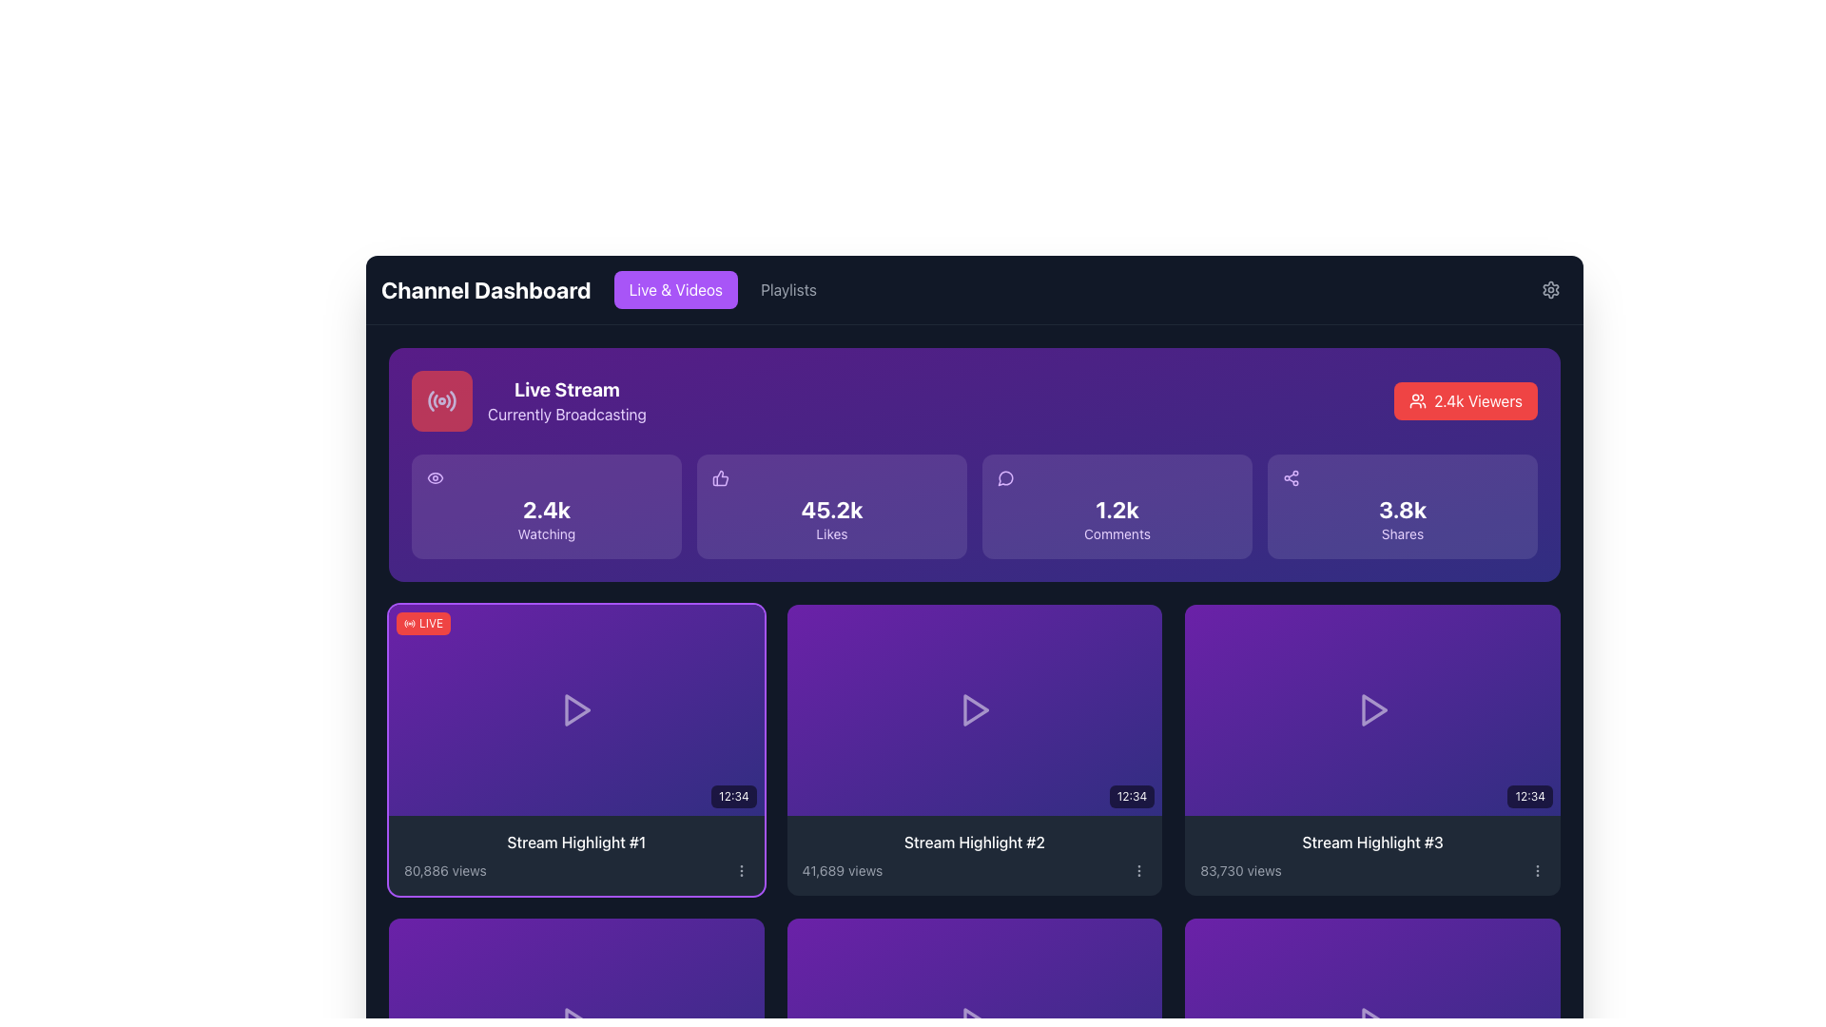 Image resolution: width=1826 pixels, height=1027 pixels. Describe the element at coordinates (974, 854) in the screenshot. I see `the text block containing 'Stream Highlight #2' and '41,689 views' located at the bottom of the second card in the second row of the grid layout` at that location.